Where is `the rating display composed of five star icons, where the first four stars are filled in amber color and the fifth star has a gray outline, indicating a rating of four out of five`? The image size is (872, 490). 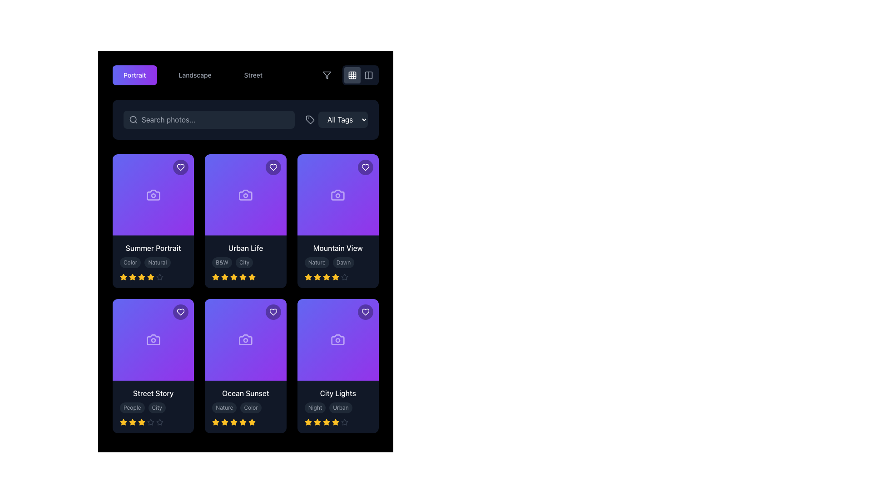 the rating display composed of five star icons, where the first four stars are filled in amber color and the fifth star has a gray outline, indicating a rating of four out of five is located at coordinates (337, 422).